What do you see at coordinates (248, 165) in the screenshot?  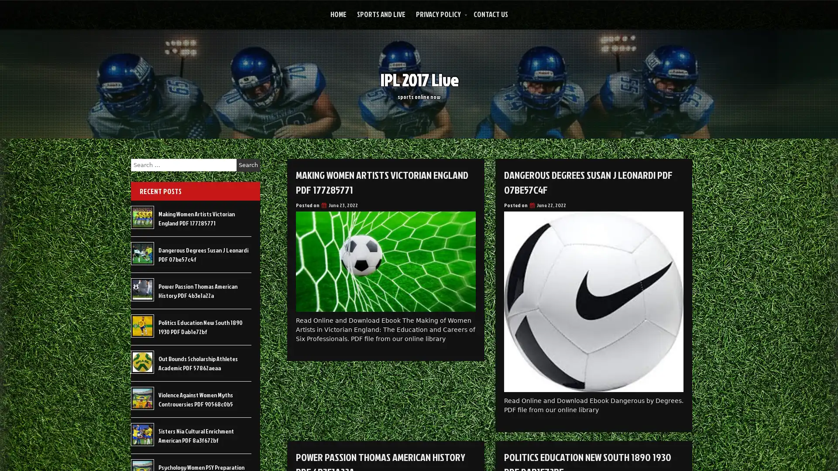 I see `Search` at bounding box center [248, 165].